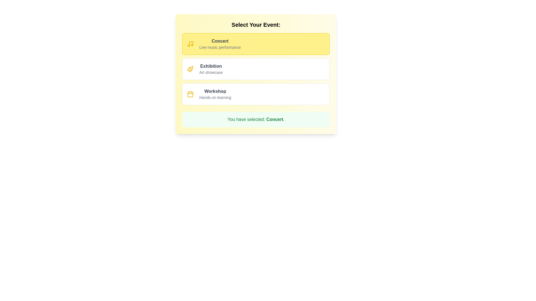 The height and width of the screenshot is (301, 536). Describe the element at coordinates (192, 44) in the screenshot. I see `the yellow musical notes icon located on the left side of the 'Concert' option in the event options list` at that location.